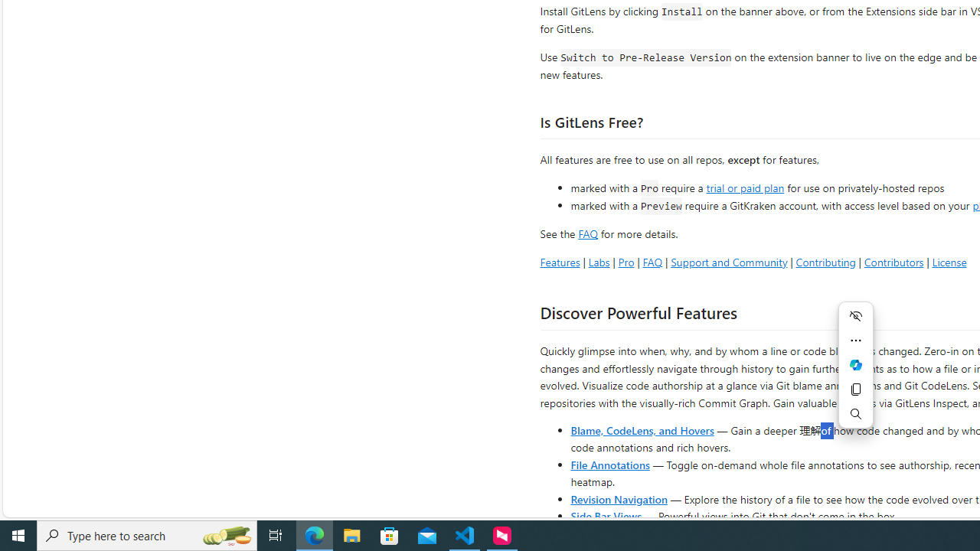 The width and height of the screenshot is (980, 551). I want to click on 'License', so click(949, 261).